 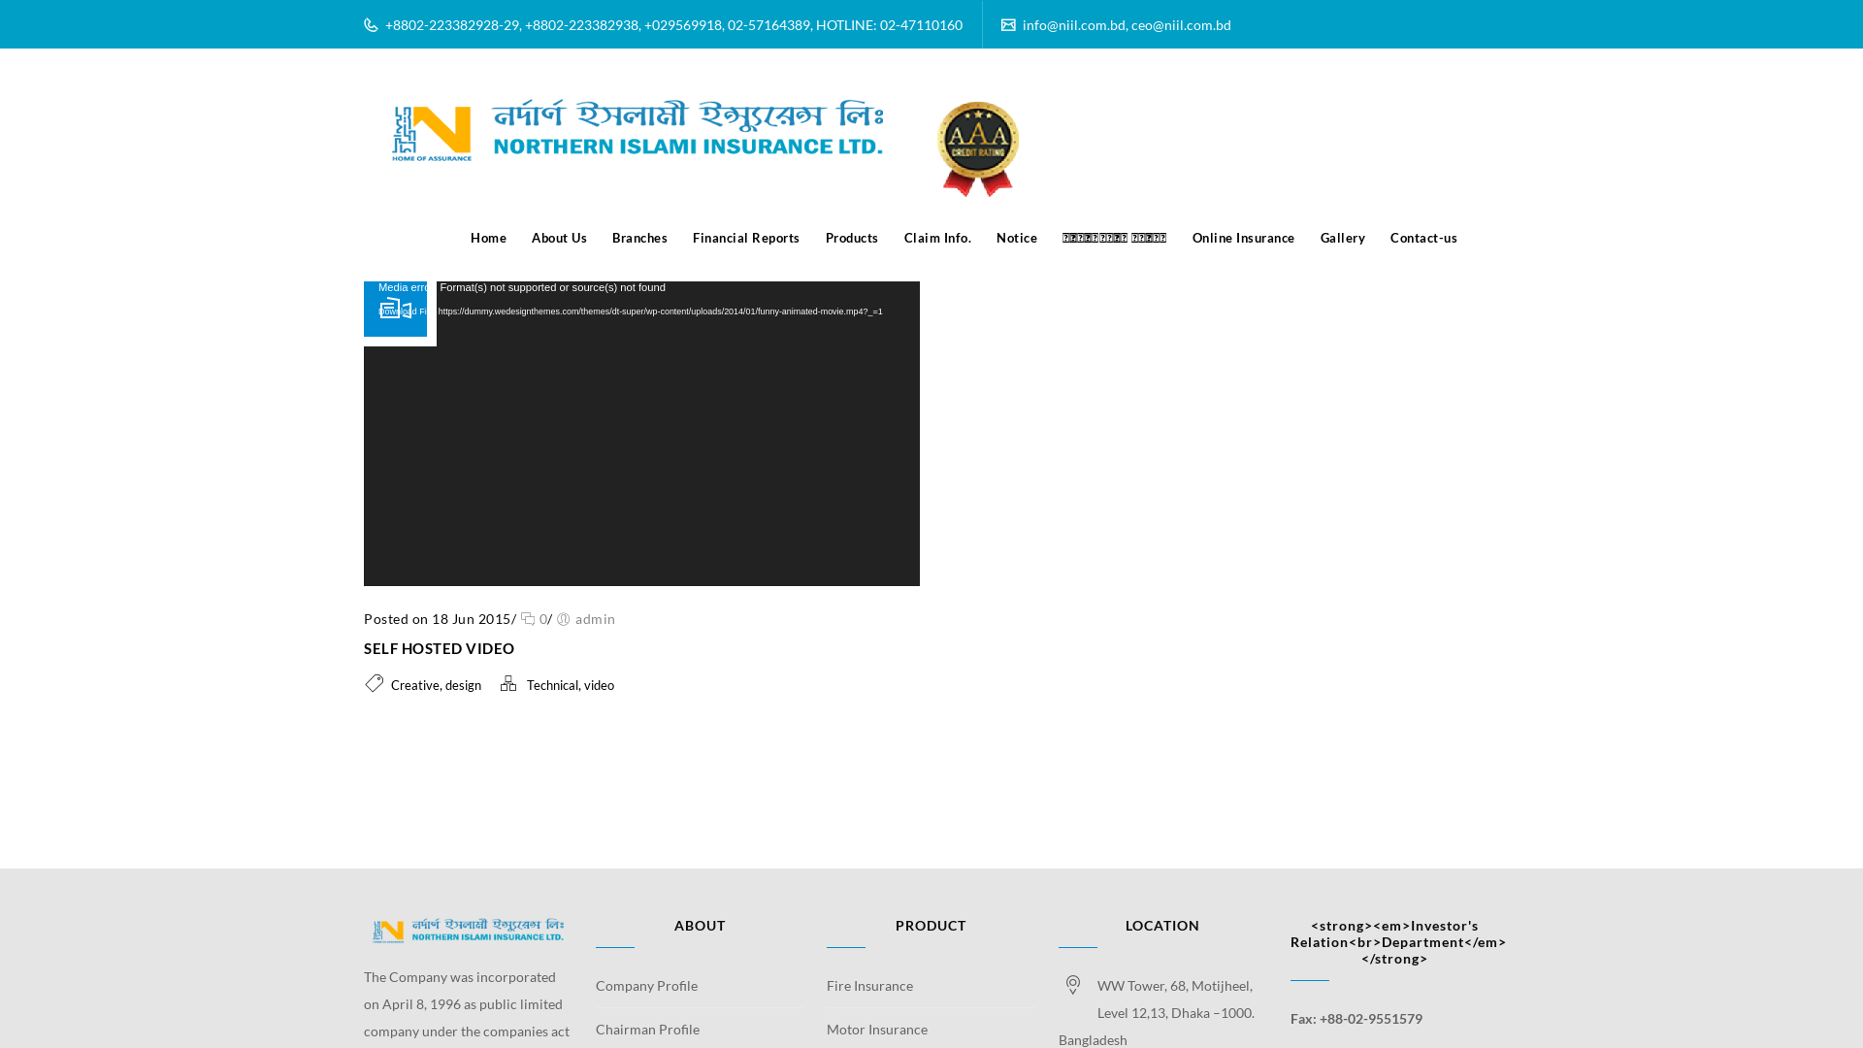 I want to click on 'Branches', so click(x=639, y=237).